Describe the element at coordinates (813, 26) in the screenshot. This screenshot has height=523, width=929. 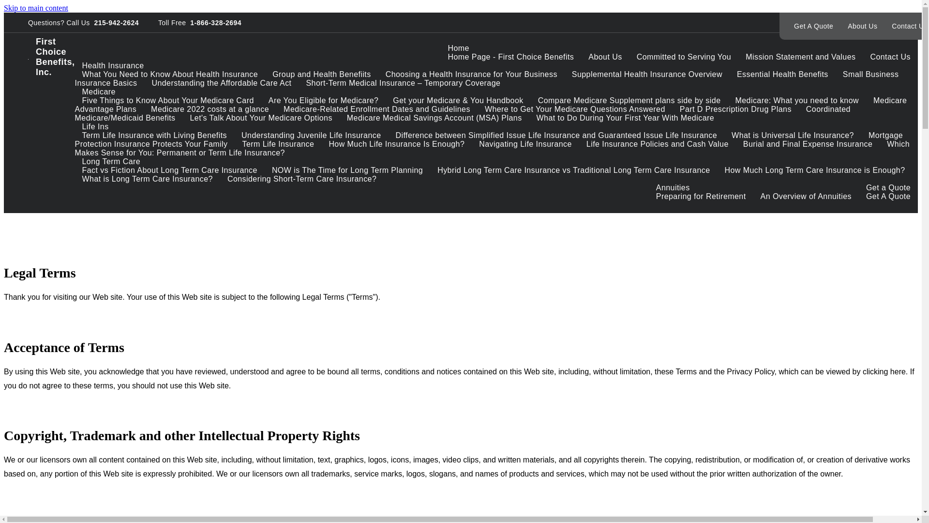
I see `'Get A Quote'` at that location.